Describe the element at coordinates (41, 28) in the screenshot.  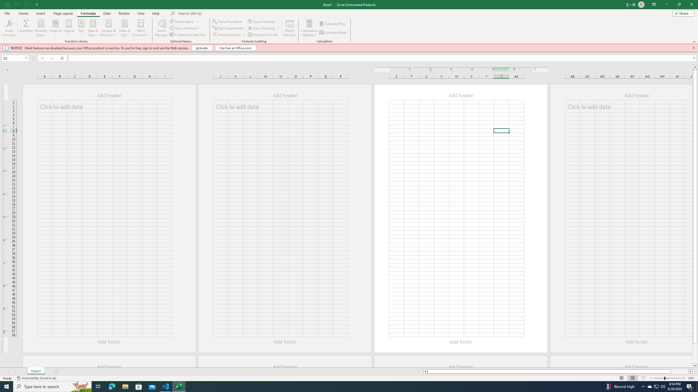
I see `'Recently Used'` at that location.